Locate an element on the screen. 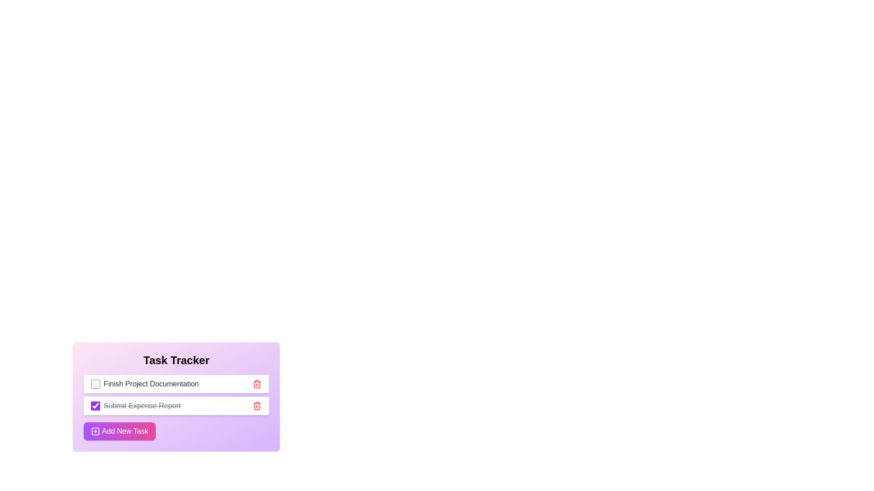 This screenshot has height=491, width=874. the checkbox, which is a square checkbox with a purple accent border and white fill, positioned to the left of the text label 'Finish Project Documentation' is located at coordinates (96, 384).